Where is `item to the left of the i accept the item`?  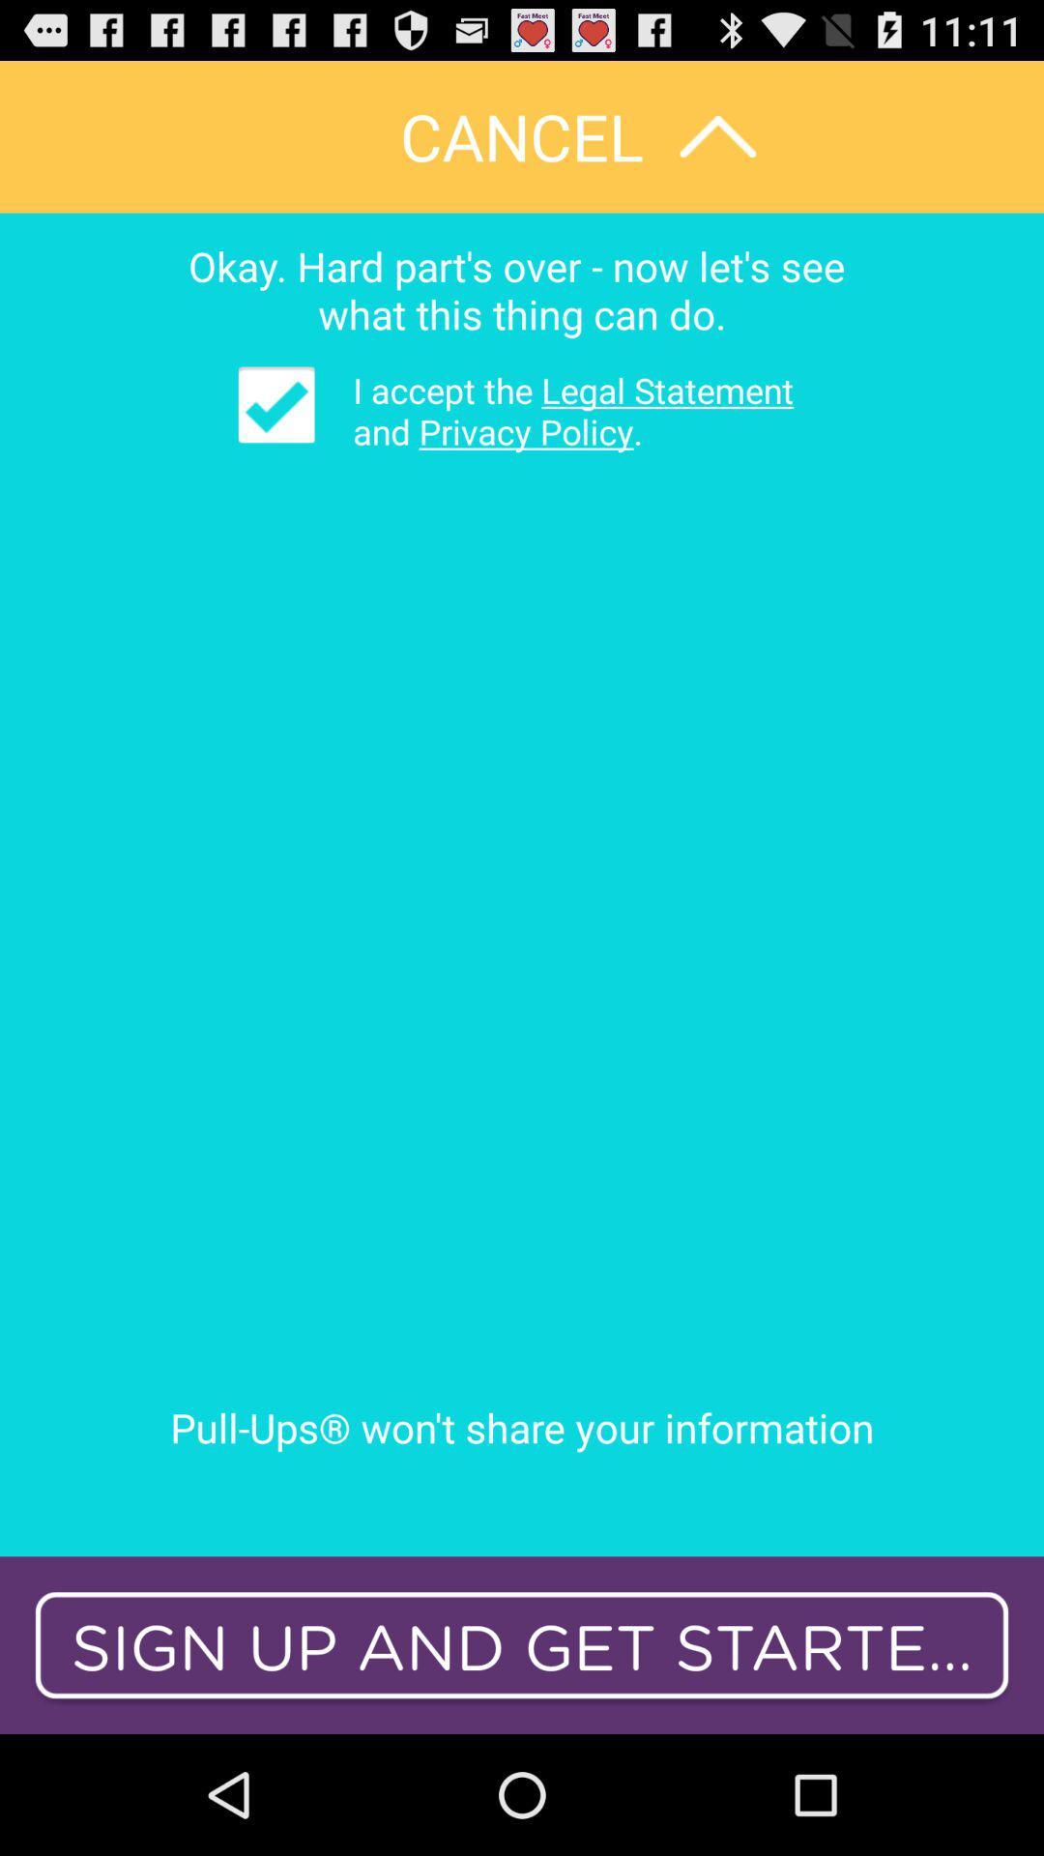 item to the left of the i accept the item is located at coordinates (276, 403).